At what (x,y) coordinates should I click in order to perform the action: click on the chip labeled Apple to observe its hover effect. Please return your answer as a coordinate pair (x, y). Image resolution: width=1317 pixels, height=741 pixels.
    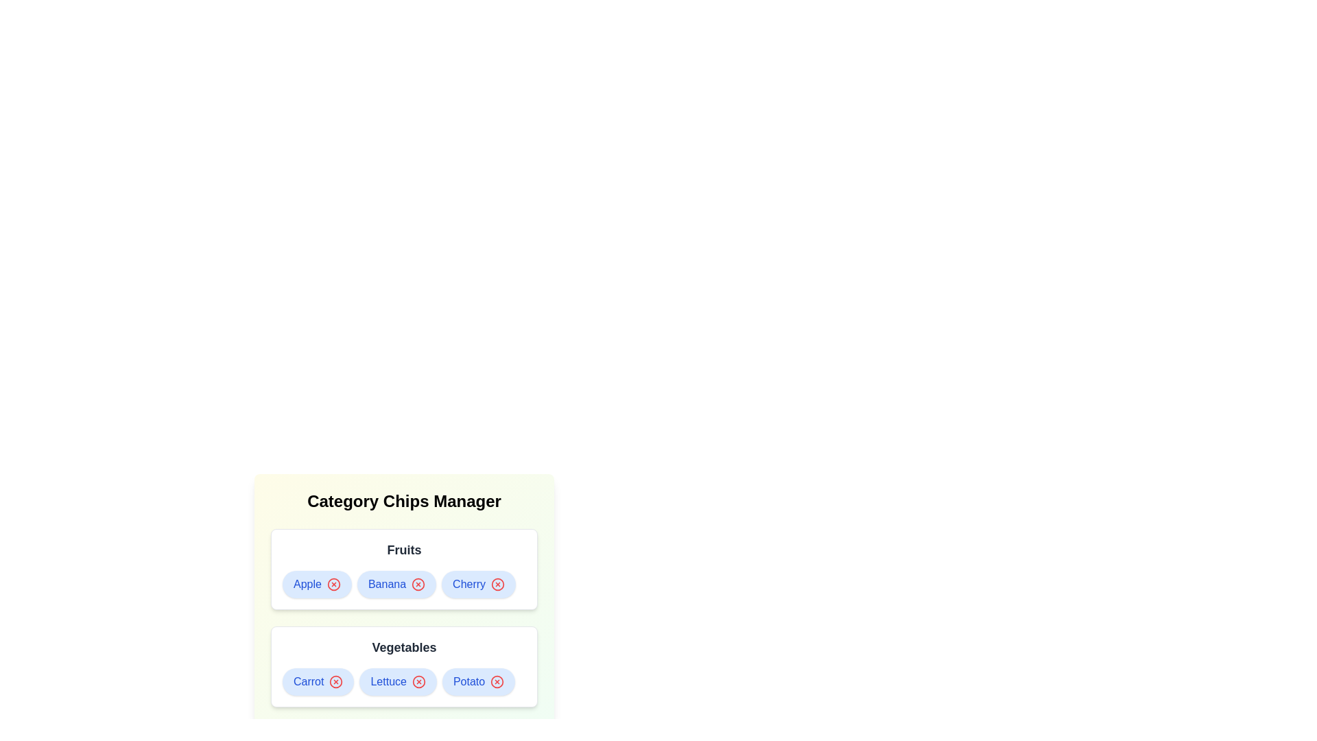
    Looking at the image, I should click on (316, 585).